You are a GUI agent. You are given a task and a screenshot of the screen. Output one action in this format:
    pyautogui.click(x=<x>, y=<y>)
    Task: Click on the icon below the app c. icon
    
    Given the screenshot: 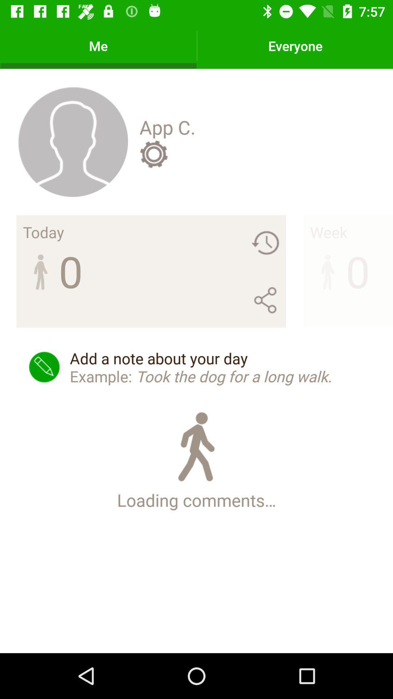 What is the action you would take?
    pyautogui.click(x=153, y=154)
    